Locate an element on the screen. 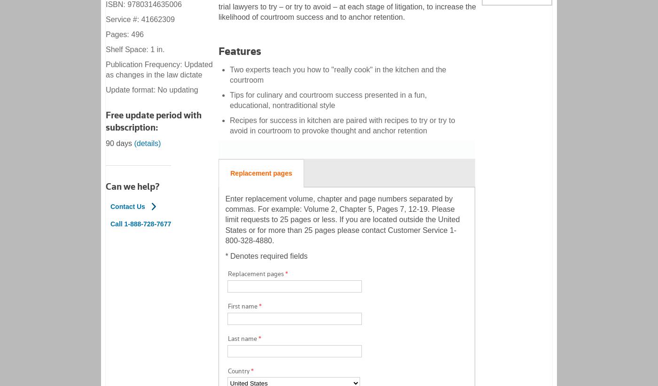 This screenshot has height=386, width=658. '* Denotes required fields' is located at coordinates (266, 255).